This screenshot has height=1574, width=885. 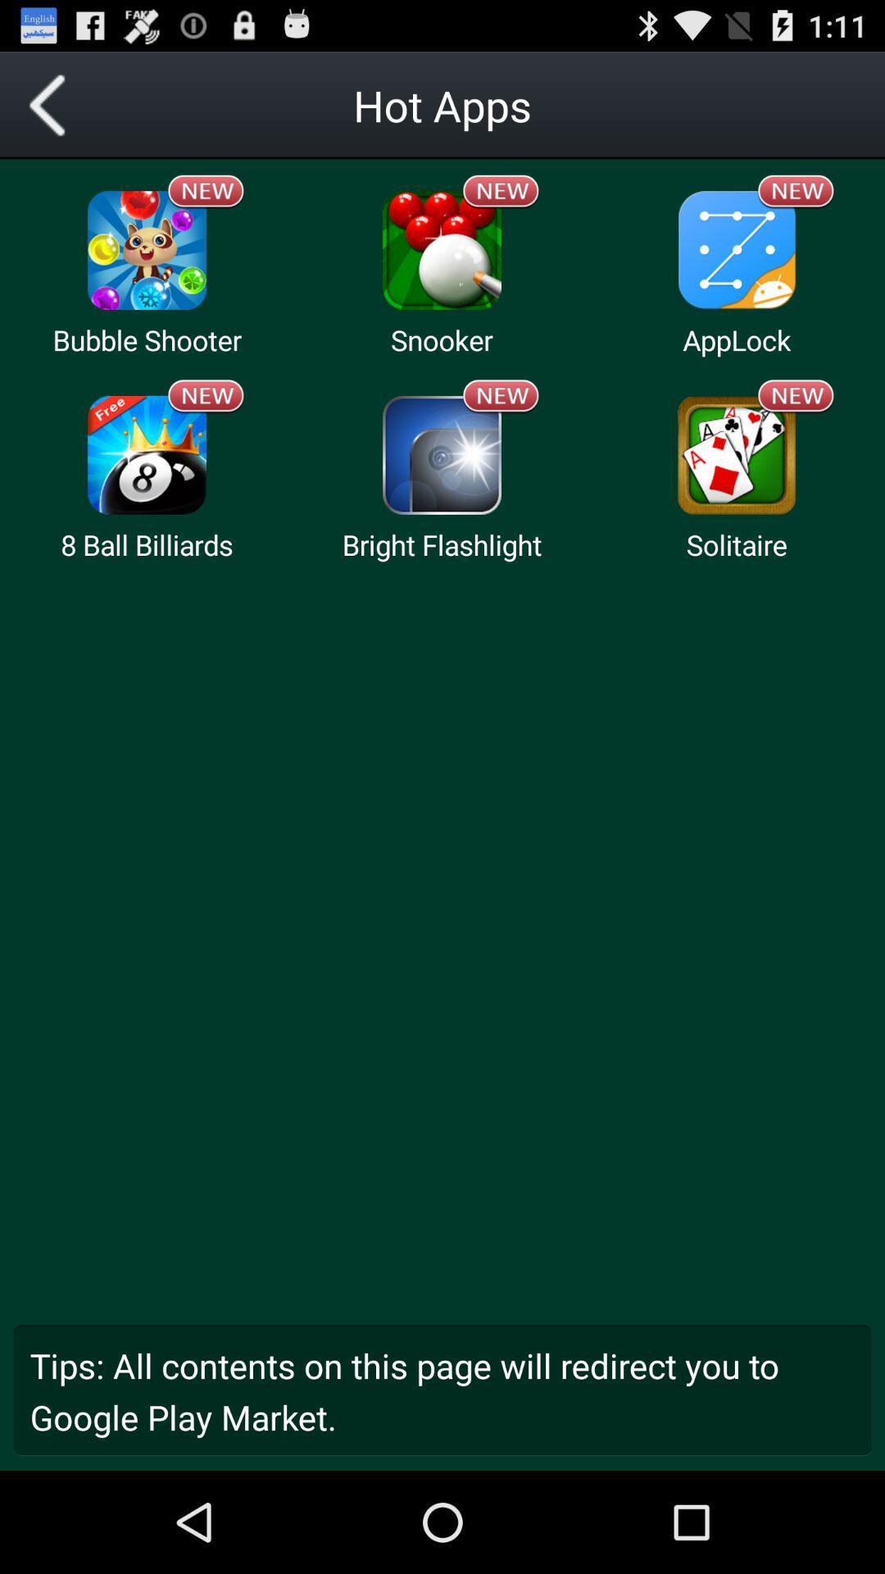 What do you see at coordinates (52, 111) in the screenshot?
I see `the arrow_backward icon` at bounding box center [52, 111].